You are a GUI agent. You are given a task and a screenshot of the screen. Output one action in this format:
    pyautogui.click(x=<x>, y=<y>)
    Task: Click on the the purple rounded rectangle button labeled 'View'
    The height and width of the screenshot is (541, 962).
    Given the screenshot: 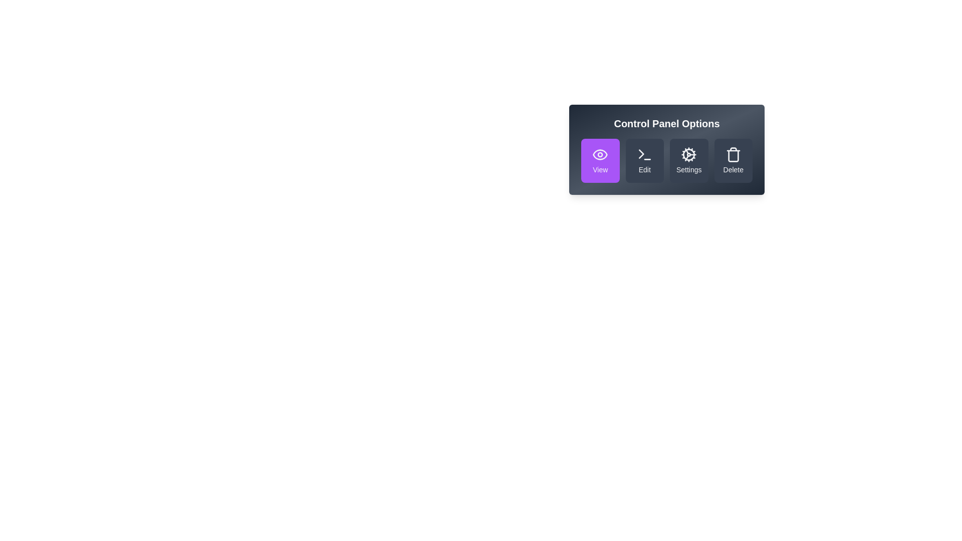 What is the action you would take?
    pyautogui.click(x=600, y=160)
    